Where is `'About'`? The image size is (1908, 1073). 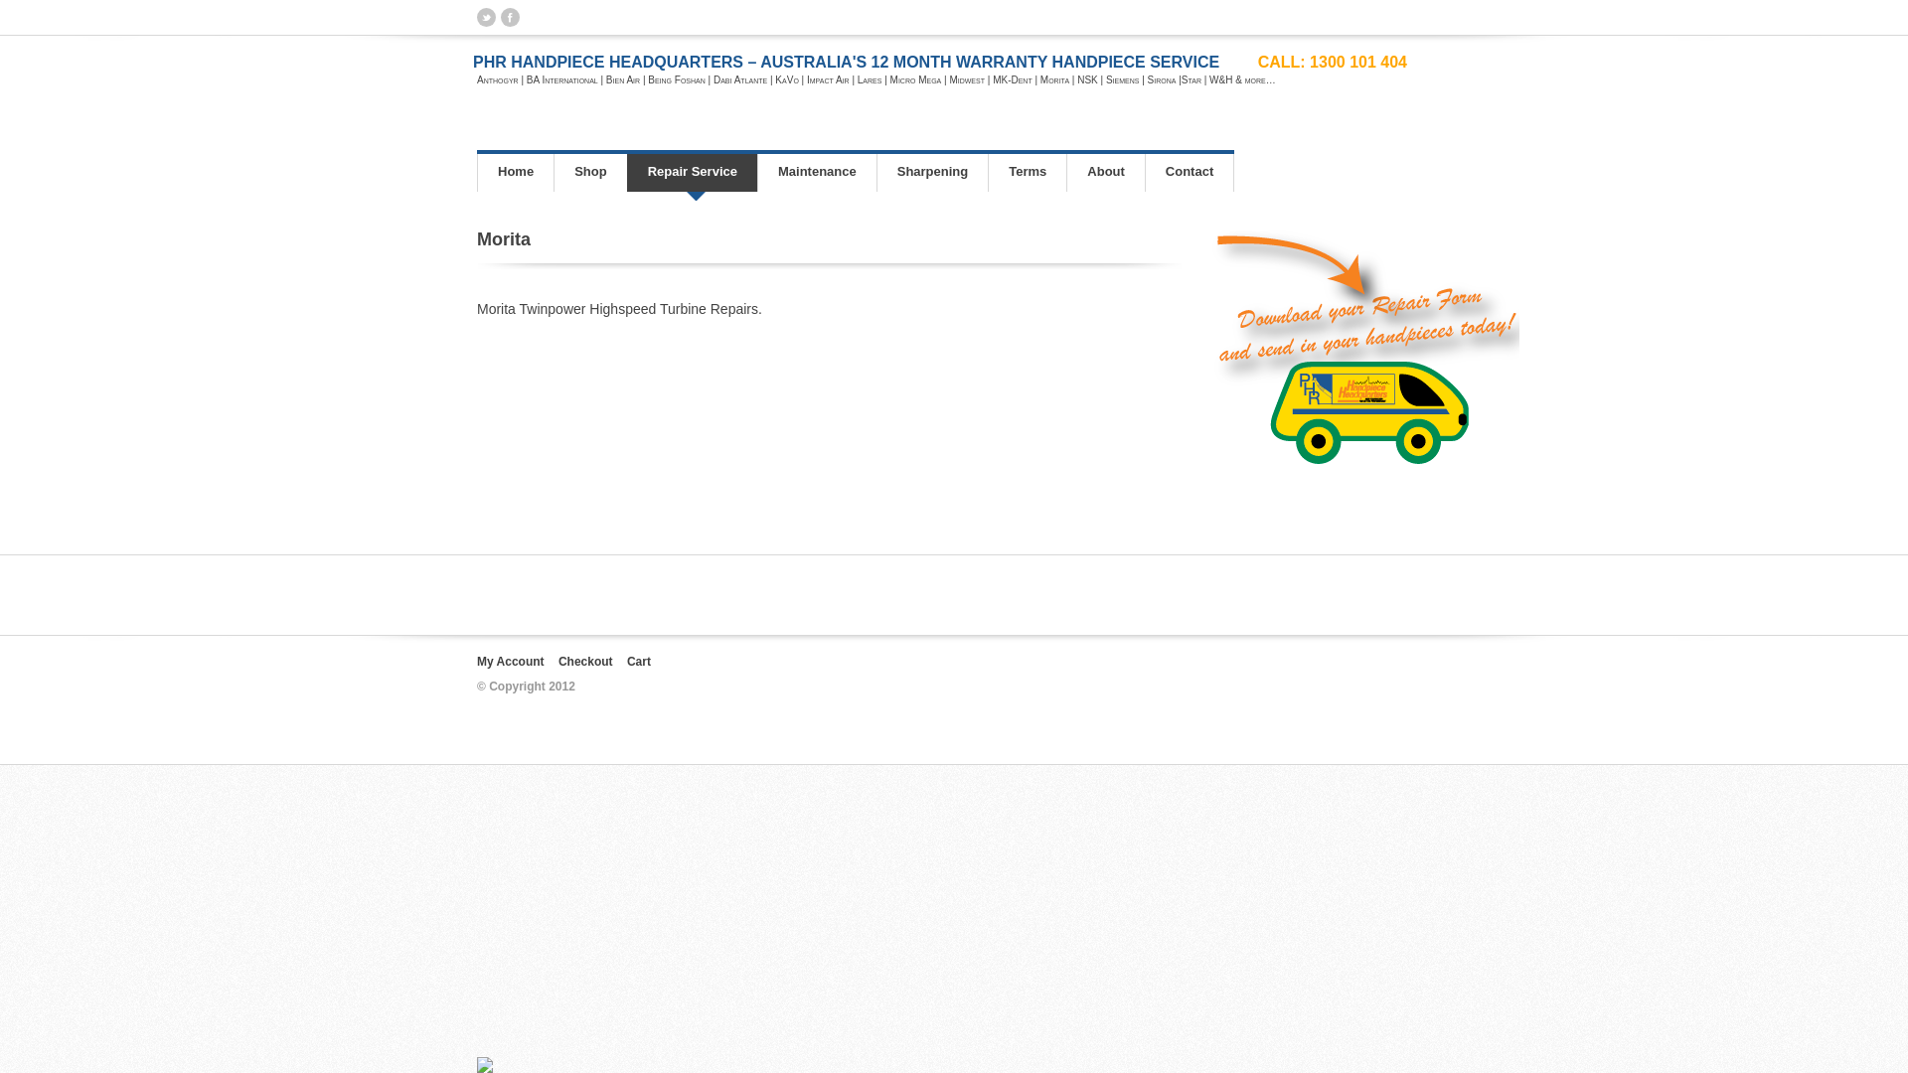 'About' is located at coordinates (1104, 171).